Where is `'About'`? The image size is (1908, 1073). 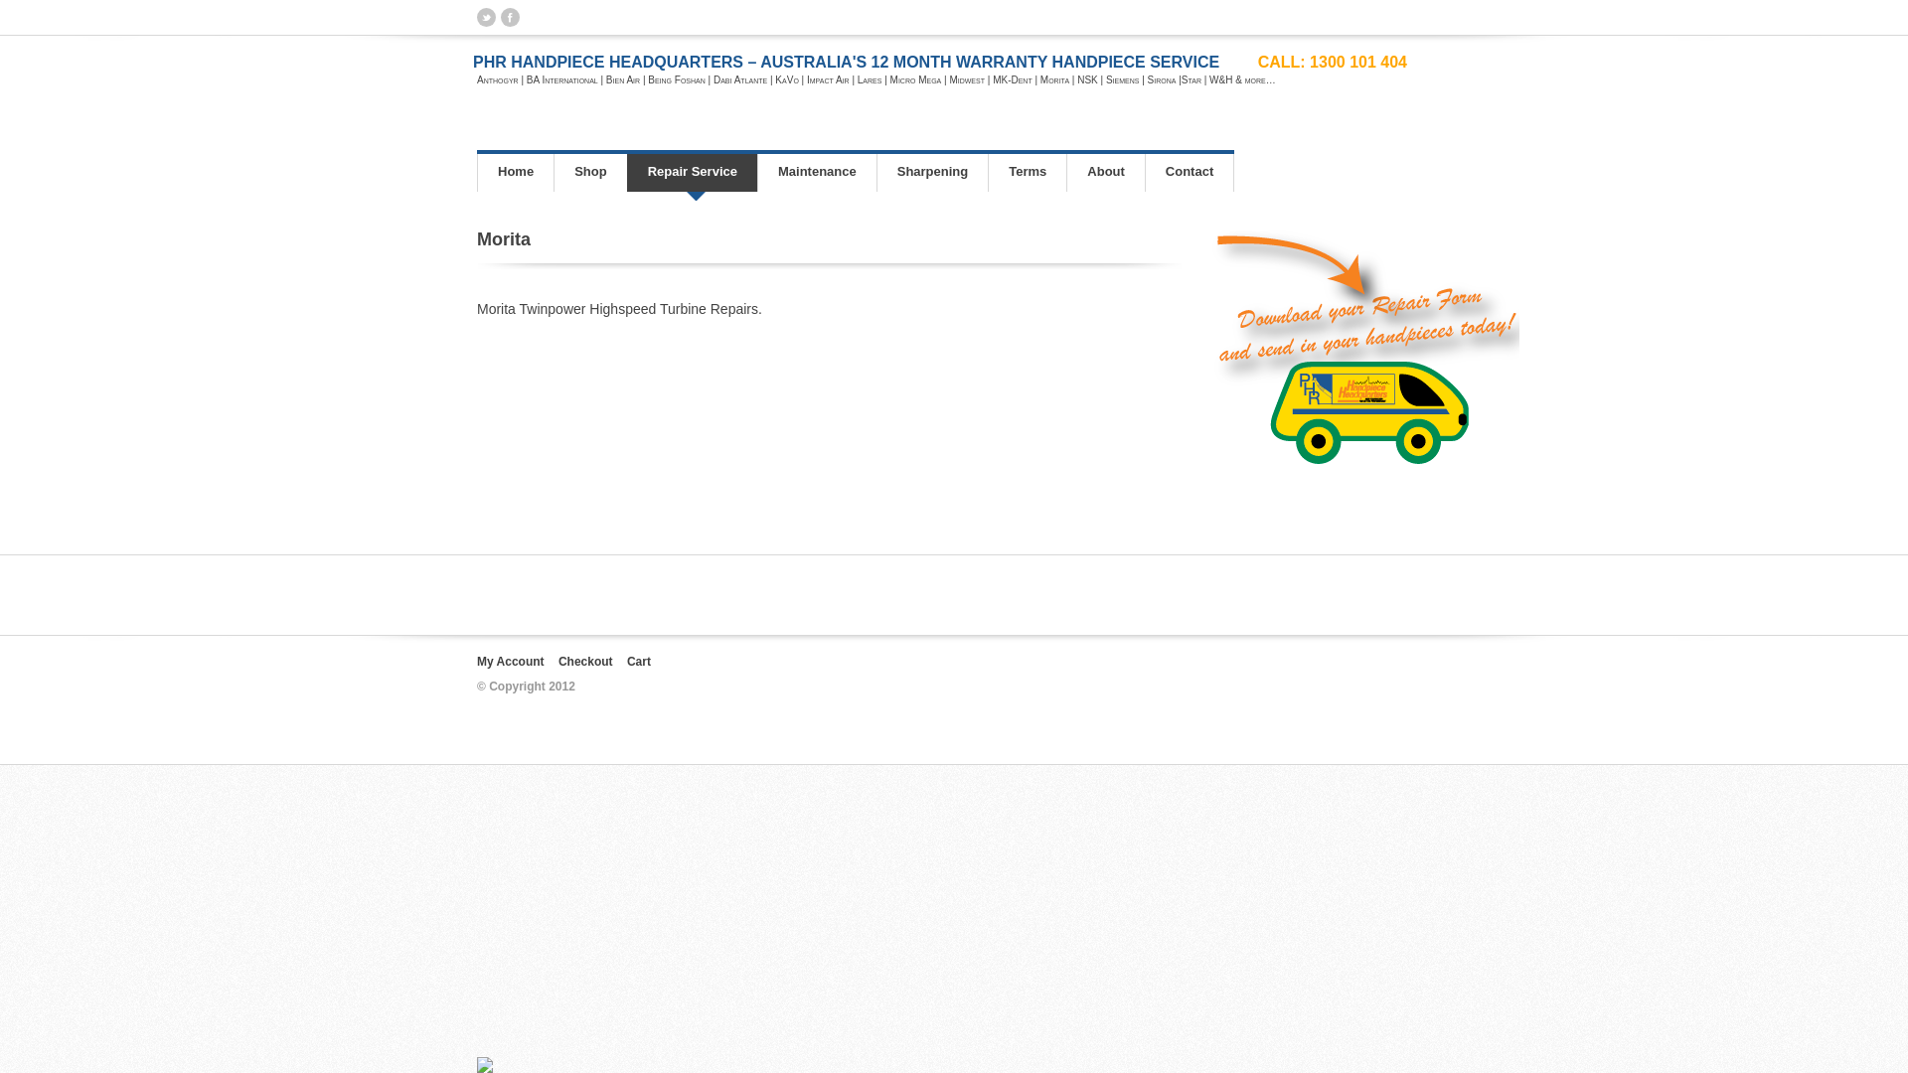 'About' is located at coordinates (1104, 171).